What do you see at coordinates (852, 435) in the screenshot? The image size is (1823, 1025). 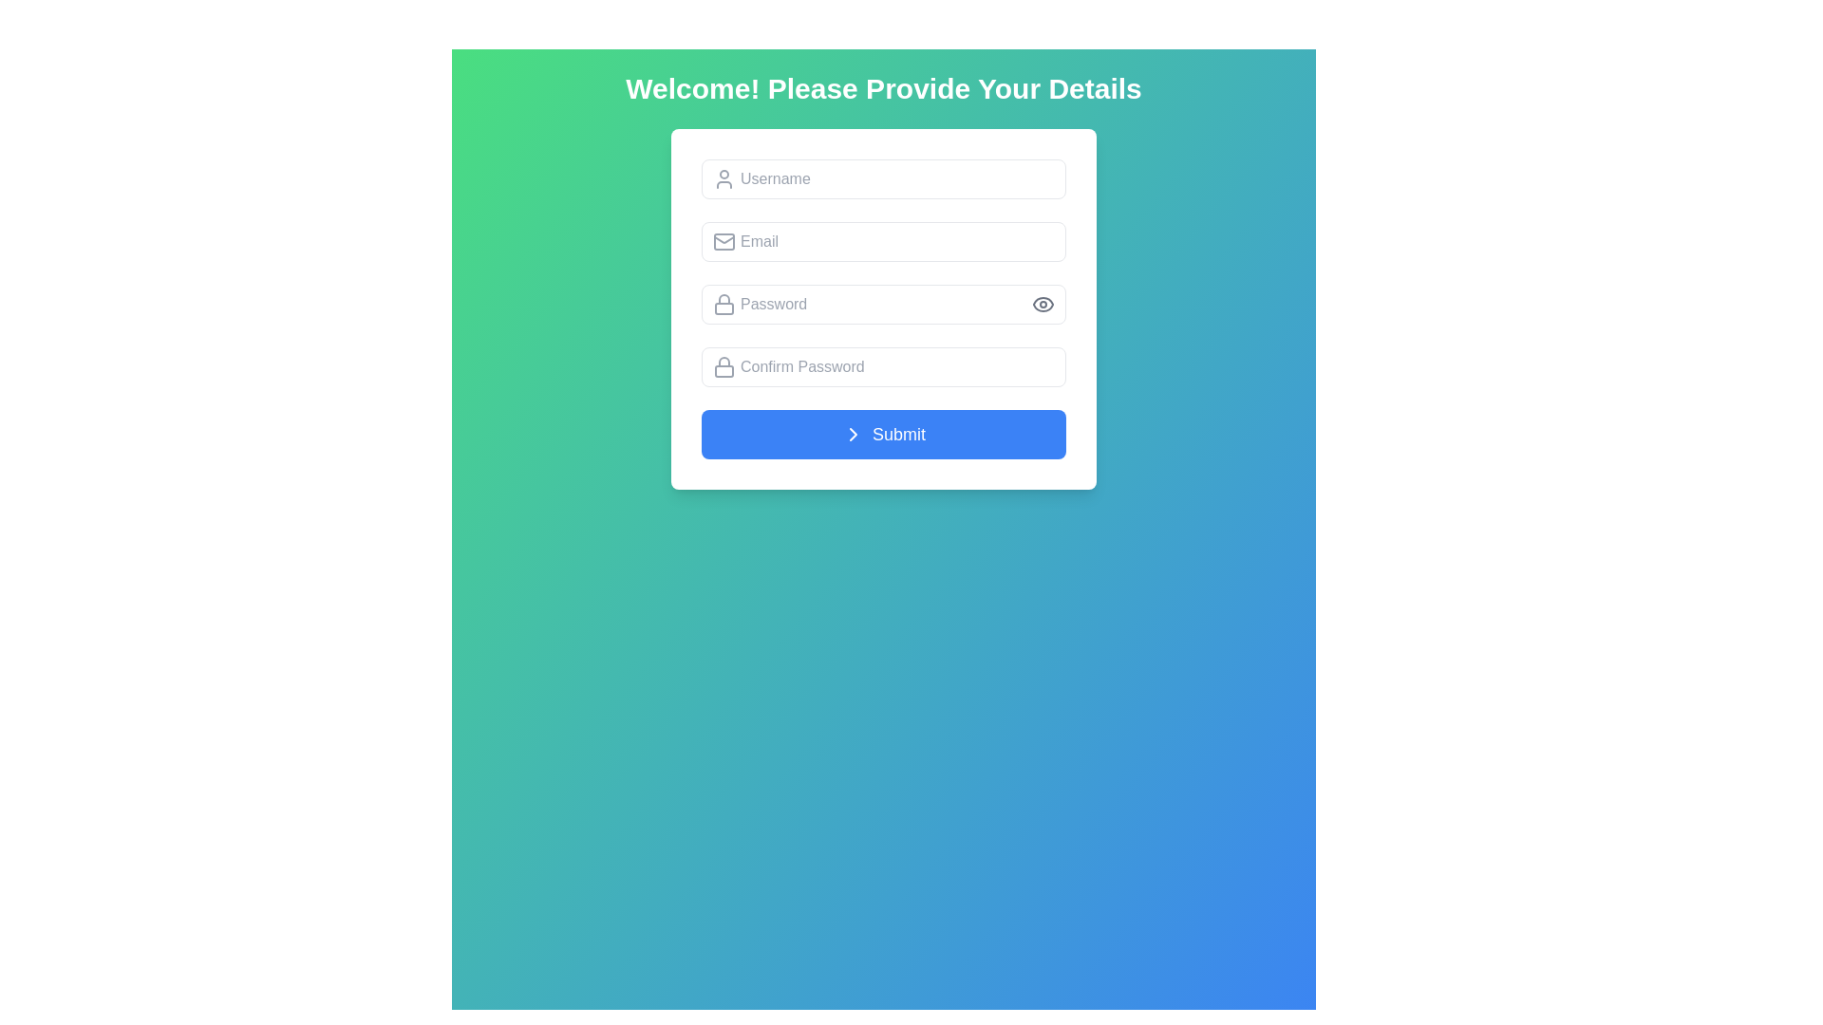 I see `the chevron indicator icon located at the center-right of the 'Submit' button, which signifies that clicking it will initiate an action` at bounding box center [852, 435].